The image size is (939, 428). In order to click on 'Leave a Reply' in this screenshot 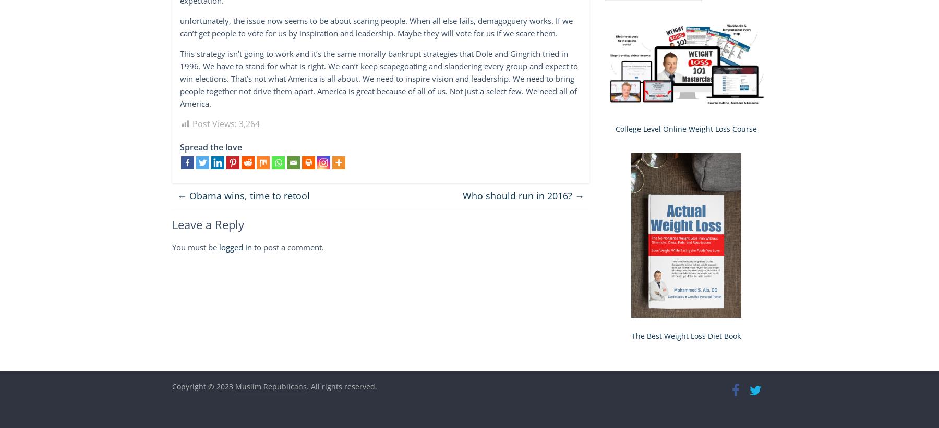, I will do `click(208, 223)`.